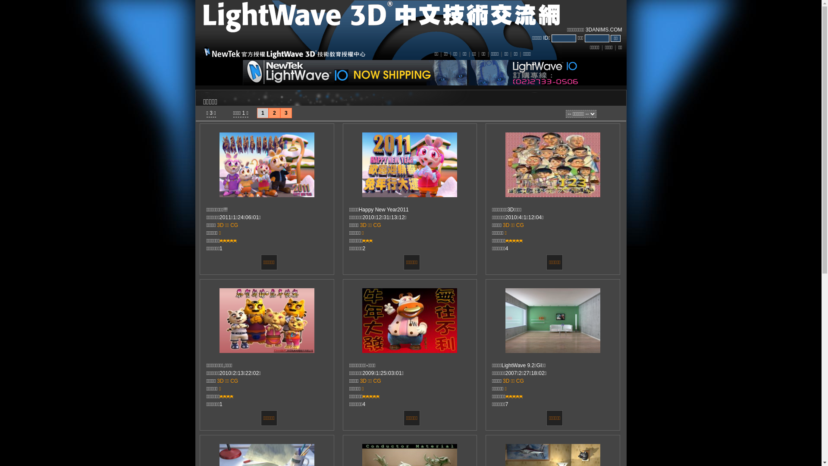 Image resolution: width=828 pixels, height=466 pixels. Describe the element at coordinates (286, 113) in the screenshot. I see `'3'` at that location.